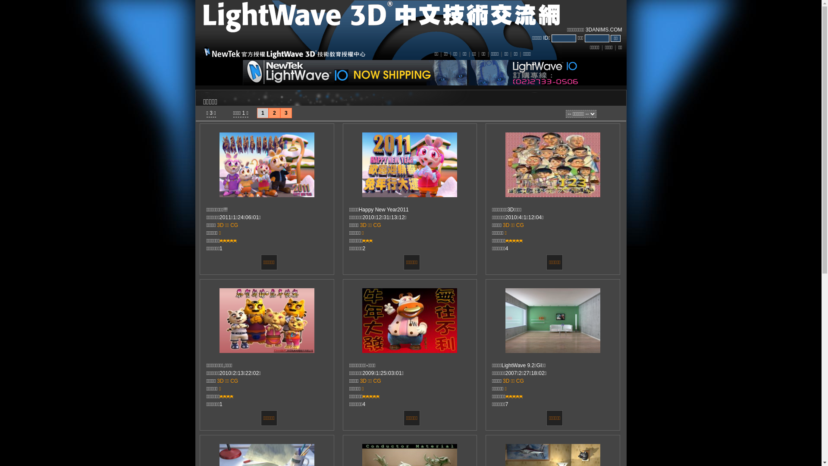 Image resolution: width=828 pixels, height=466 pixels. Describe the element at coordinates (286, 113) in the screenshot. I see `'3'` at that location.